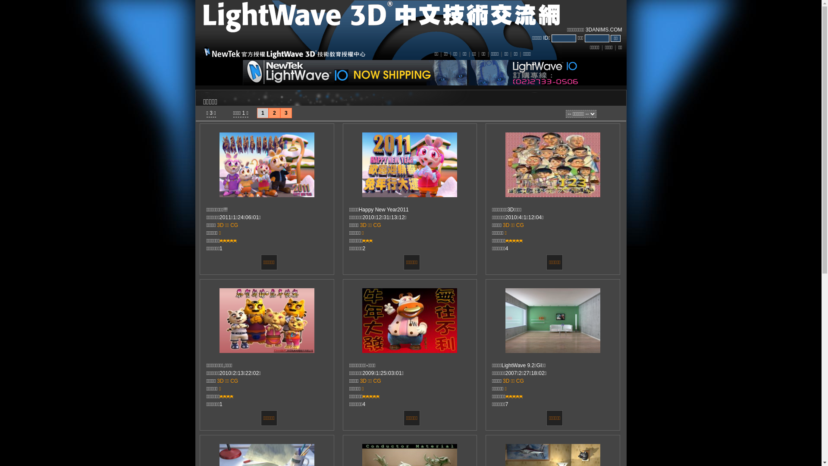 Image resolution: width=828 pixels, height=466 pixels. Describe the element at coordinates (286, 113) in the screenshot. I see `'3'` at that location.